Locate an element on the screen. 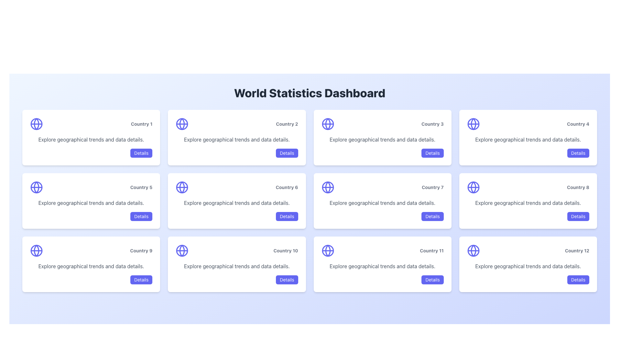 This screenshot has width=621, height=349. the blue globe-like icon segment located at the top left corner of the box for 'Country 6' in the second row, second column of the grid layout is located at coordinates (182, 187).